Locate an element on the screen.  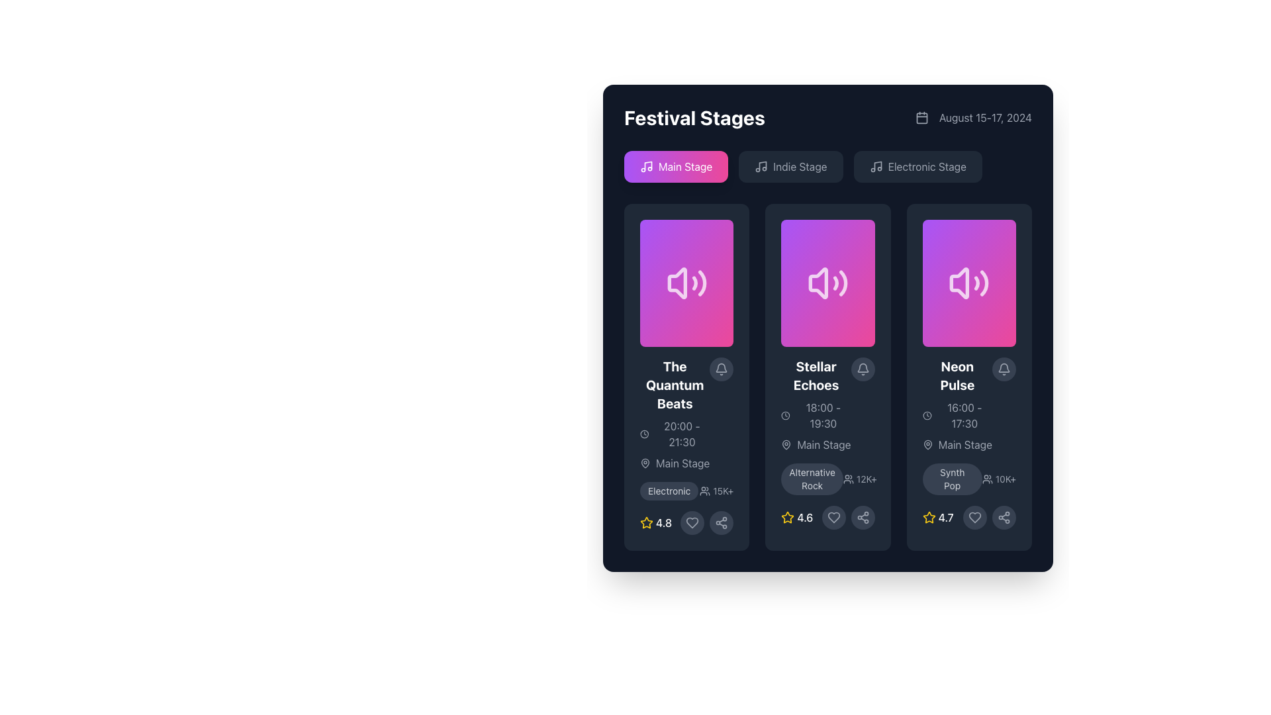
the 'Neon Pulse' event card in the Festival Stages section, which displays the event title in large bold font, time slot in smaller gray font, and location in gray, located in the third column under the 'Main Stage' tab is located at coordinates (957, 405).